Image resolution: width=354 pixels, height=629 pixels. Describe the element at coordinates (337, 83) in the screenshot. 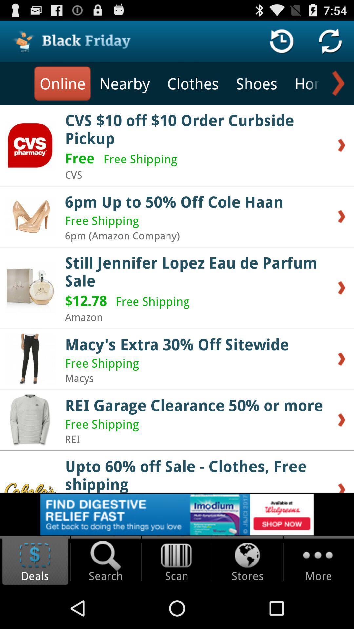

I see `see more` at that location.